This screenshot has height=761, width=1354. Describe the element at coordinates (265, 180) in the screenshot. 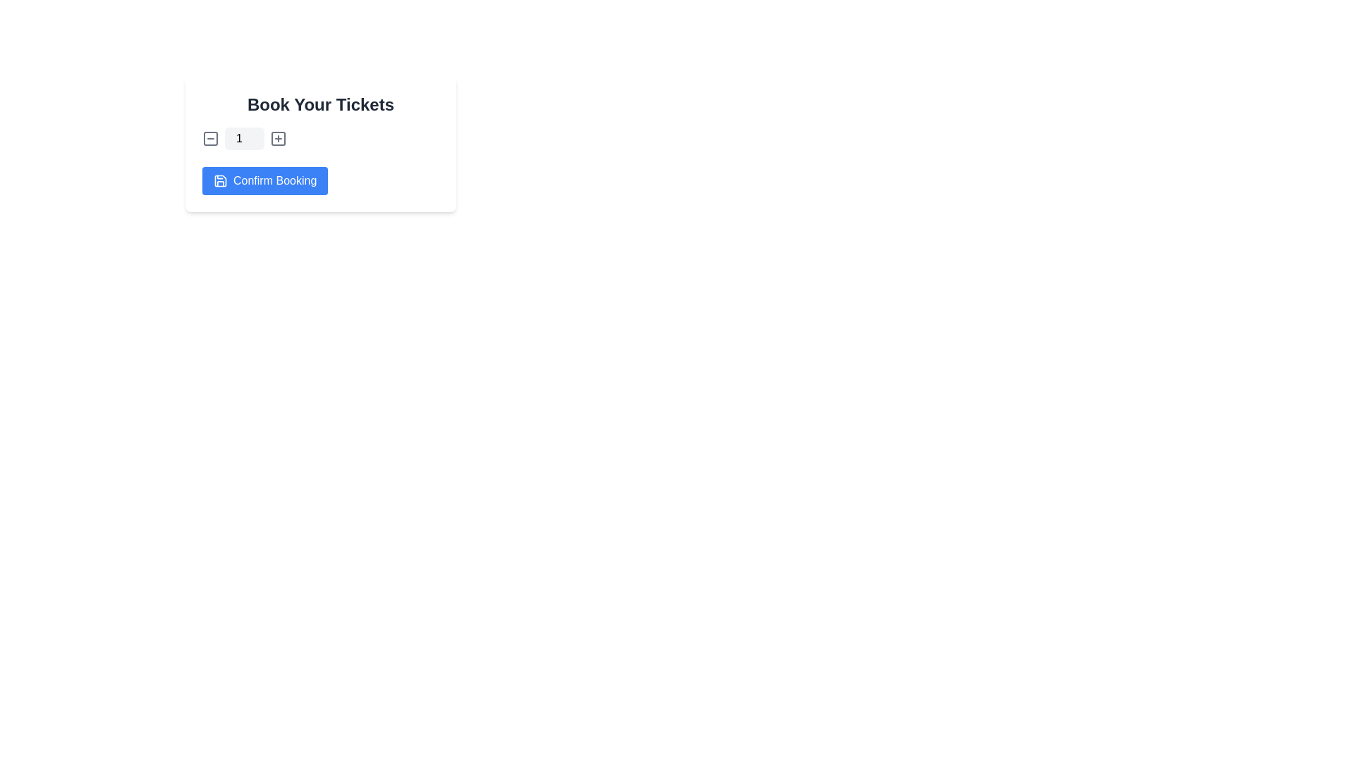

I see `the blue button labeled 'Confirm Booking' with a save icon to confirm the booking` at that location.